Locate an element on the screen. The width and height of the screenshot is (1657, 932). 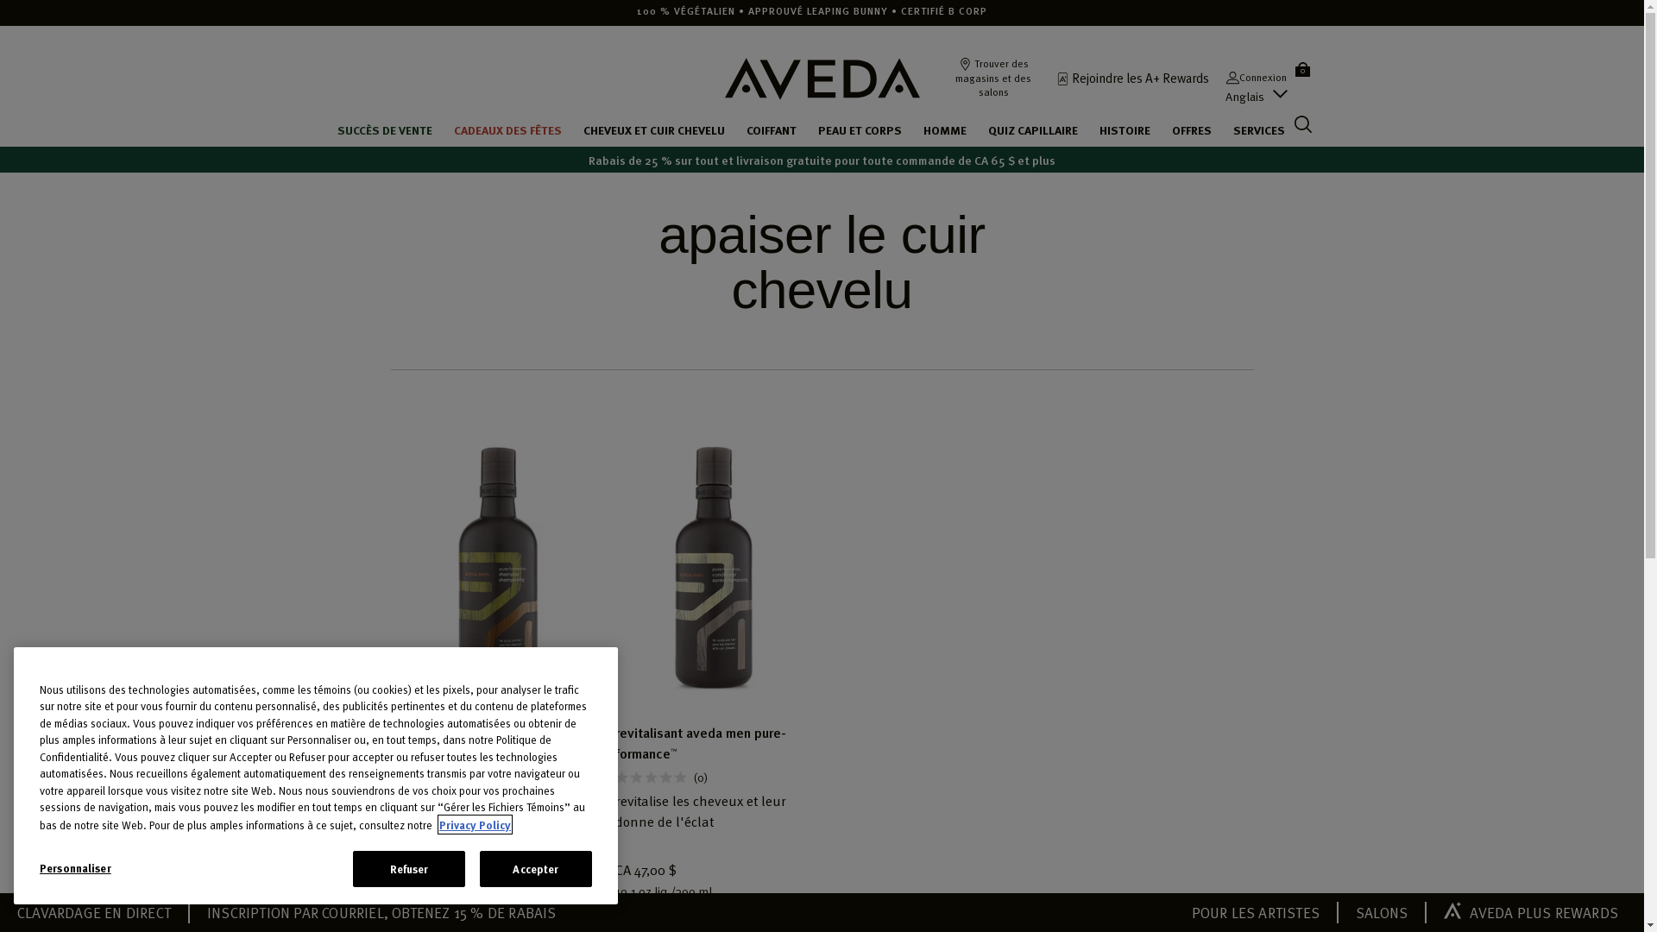
'Rejoindre les A+ Rewards' is located at coordinates (1055, 76).